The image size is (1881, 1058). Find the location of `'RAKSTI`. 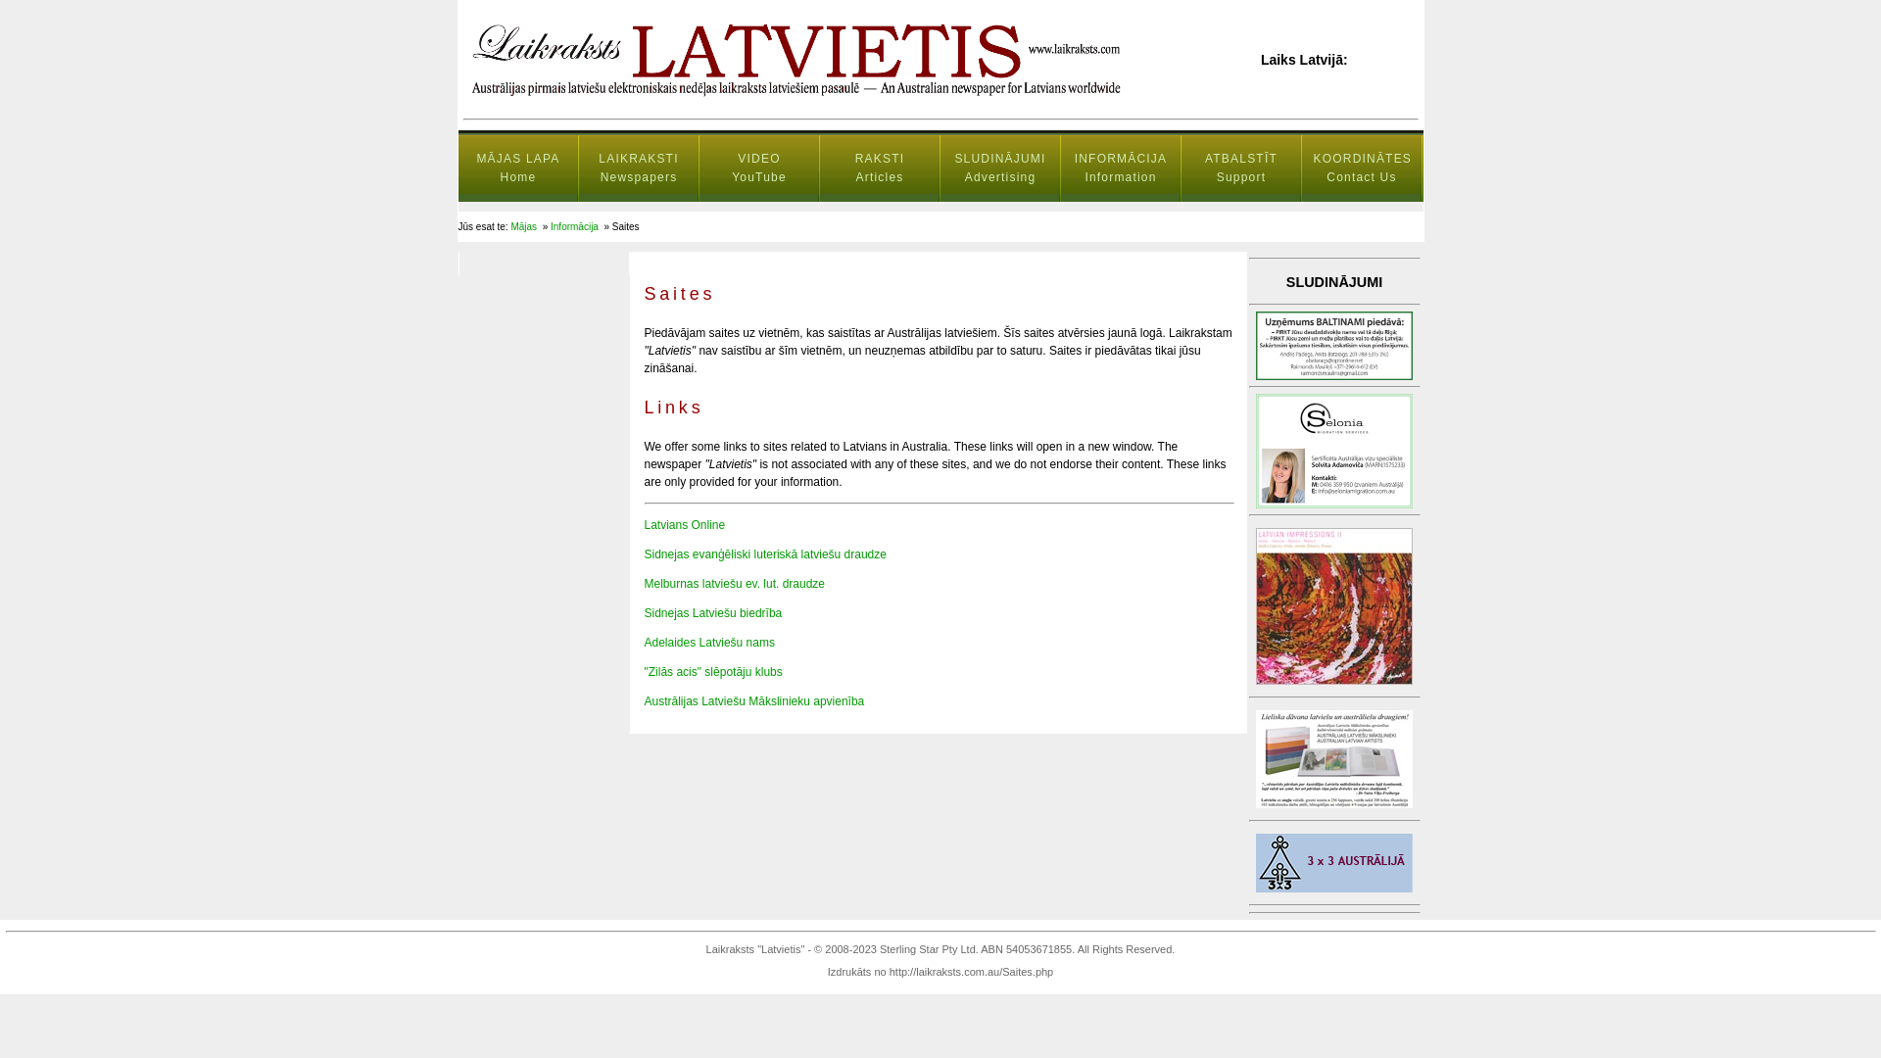

'RAKSTI is located at coordinates (818, 168).